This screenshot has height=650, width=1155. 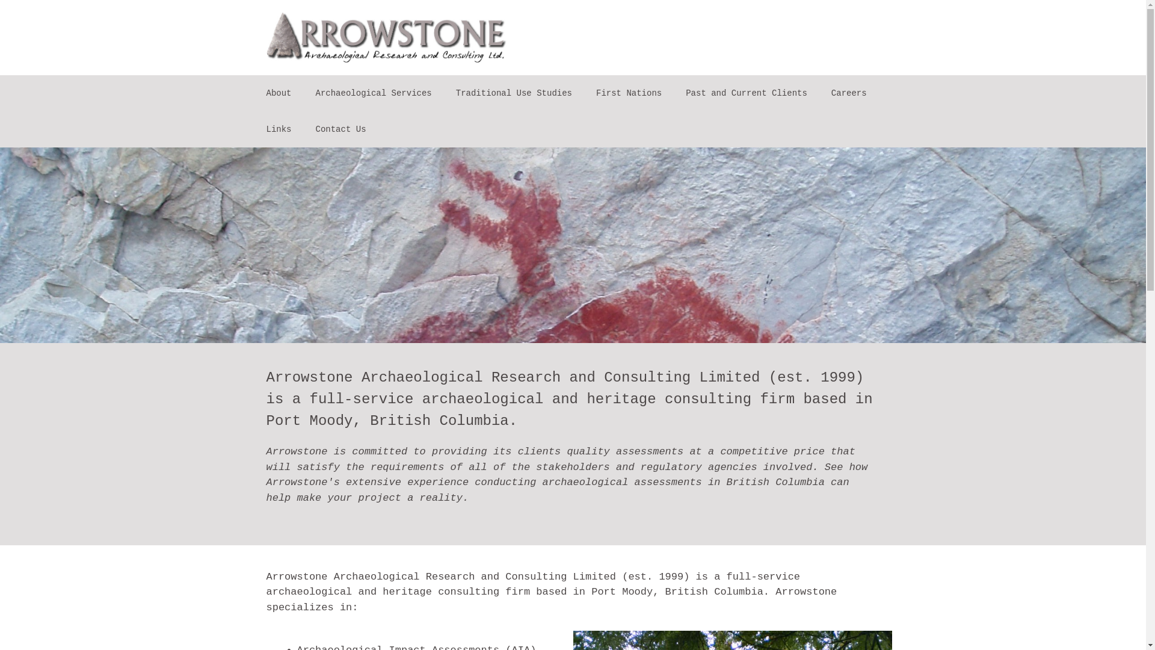 What do you see at coordinates (340, 129) in the screenshot?
I see `'Contact Us'` at bounding box center [340, 129].